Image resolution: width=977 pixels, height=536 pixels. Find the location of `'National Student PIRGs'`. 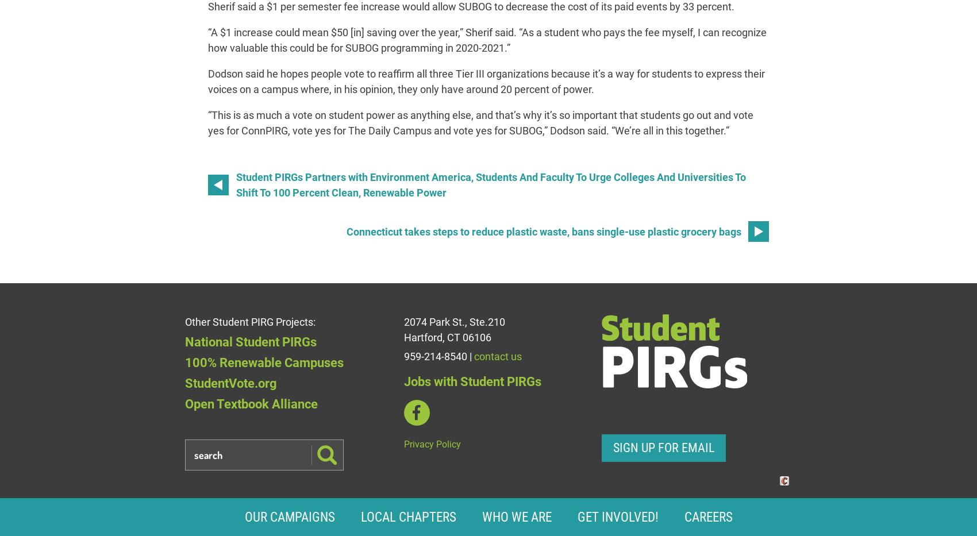

'National Student PIRGs' is located at coordinates (250, 341).